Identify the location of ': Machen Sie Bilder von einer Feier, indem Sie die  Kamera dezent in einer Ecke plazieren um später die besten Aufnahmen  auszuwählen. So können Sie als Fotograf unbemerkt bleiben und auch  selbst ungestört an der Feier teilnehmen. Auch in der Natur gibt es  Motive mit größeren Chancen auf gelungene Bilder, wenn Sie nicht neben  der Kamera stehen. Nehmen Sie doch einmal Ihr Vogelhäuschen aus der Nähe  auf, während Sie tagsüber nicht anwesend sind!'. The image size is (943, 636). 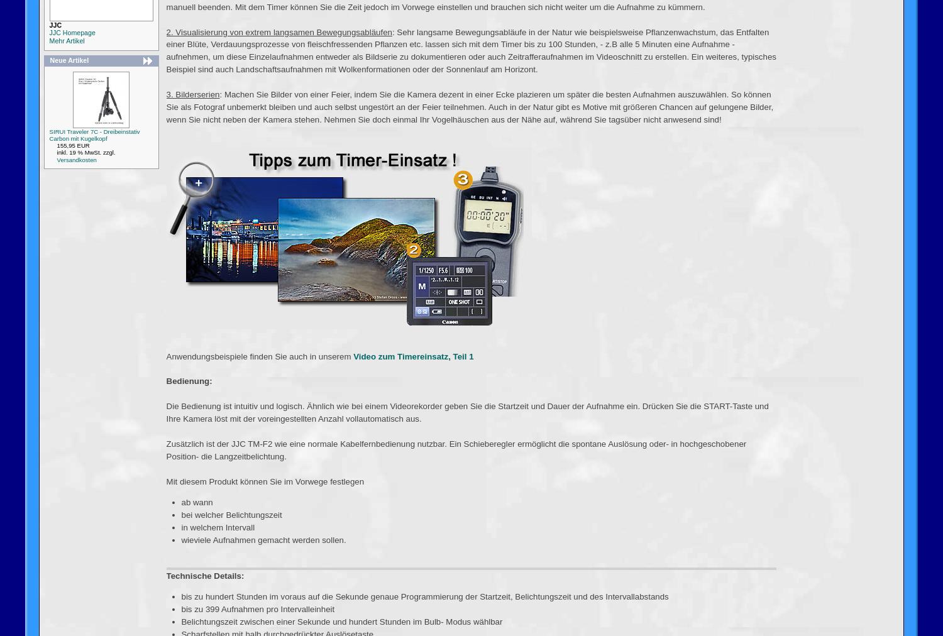
(469, 107).